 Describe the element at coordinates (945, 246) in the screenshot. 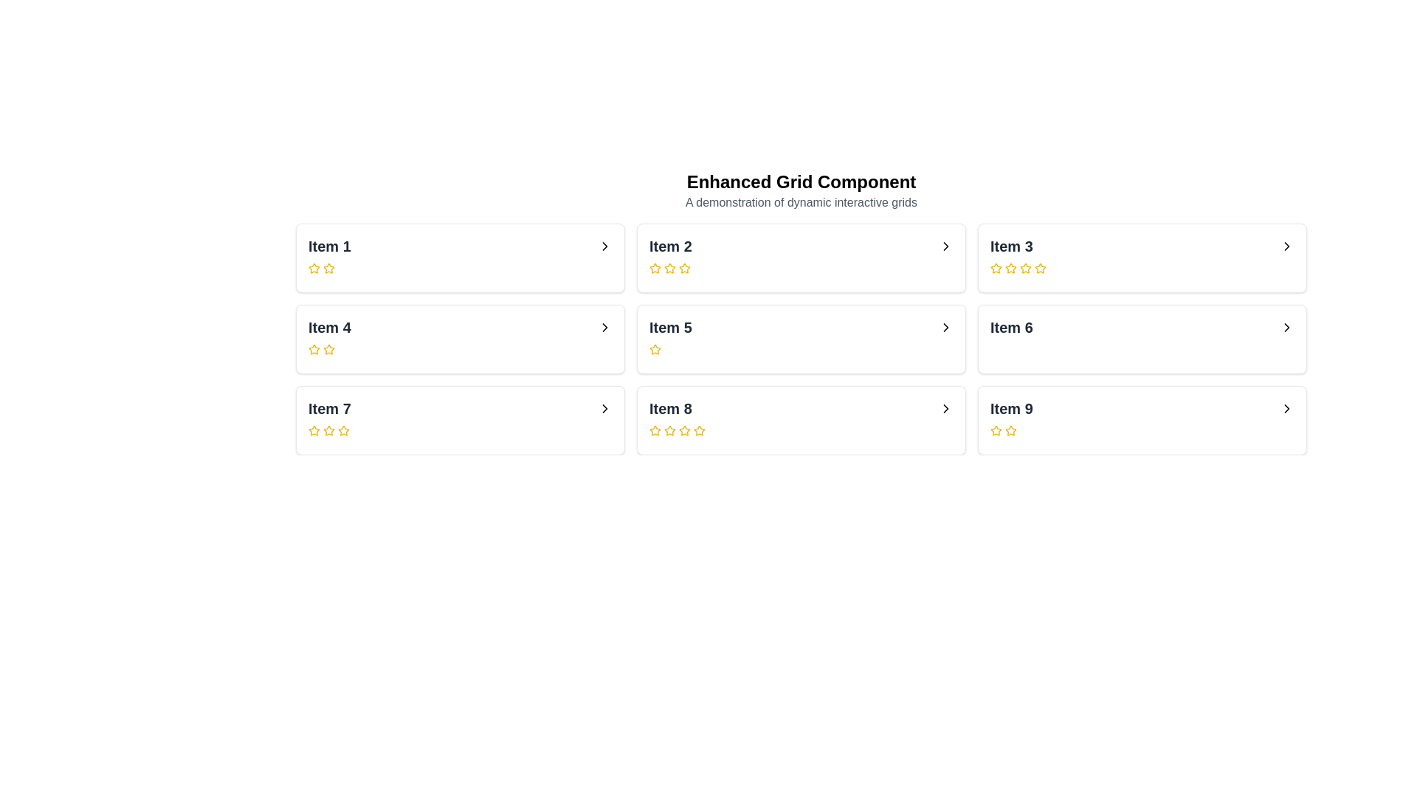

I see `the interactive expansion icon located at the rightmost part of 'Item 2' to trigger hover effects` at that location.